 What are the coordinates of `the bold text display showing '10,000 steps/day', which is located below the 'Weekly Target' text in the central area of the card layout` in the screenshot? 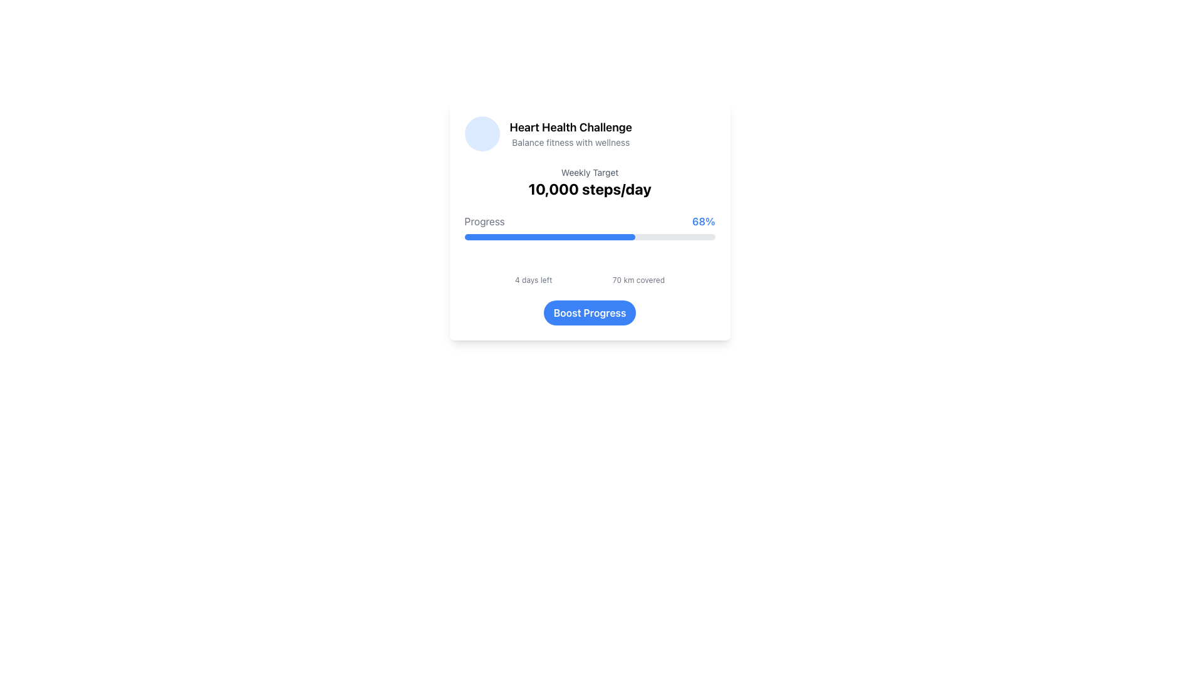 It's located at (589, 188).